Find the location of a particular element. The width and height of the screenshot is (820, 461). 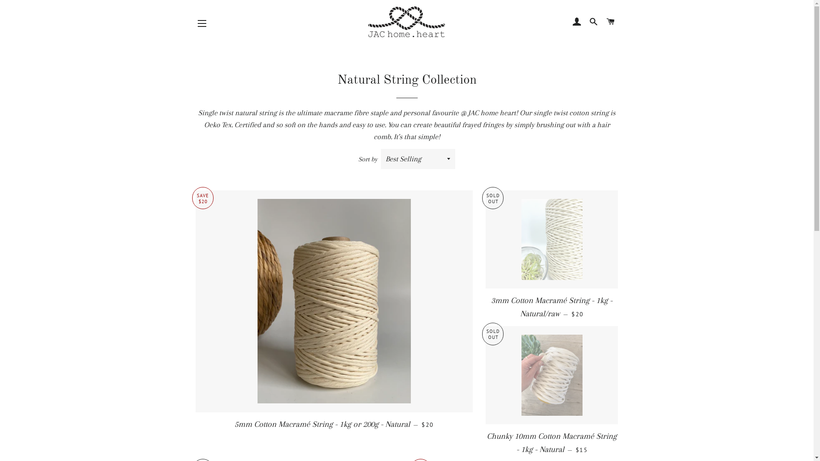

'SITE NAVIGATION' is located at coordinates (202, 23).